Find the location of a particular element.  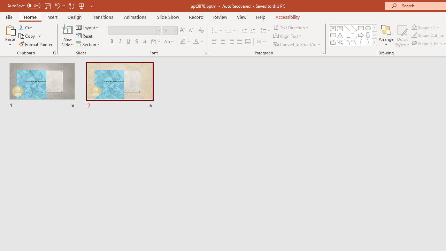

'Text Box' is located at coordinates (333, 28).